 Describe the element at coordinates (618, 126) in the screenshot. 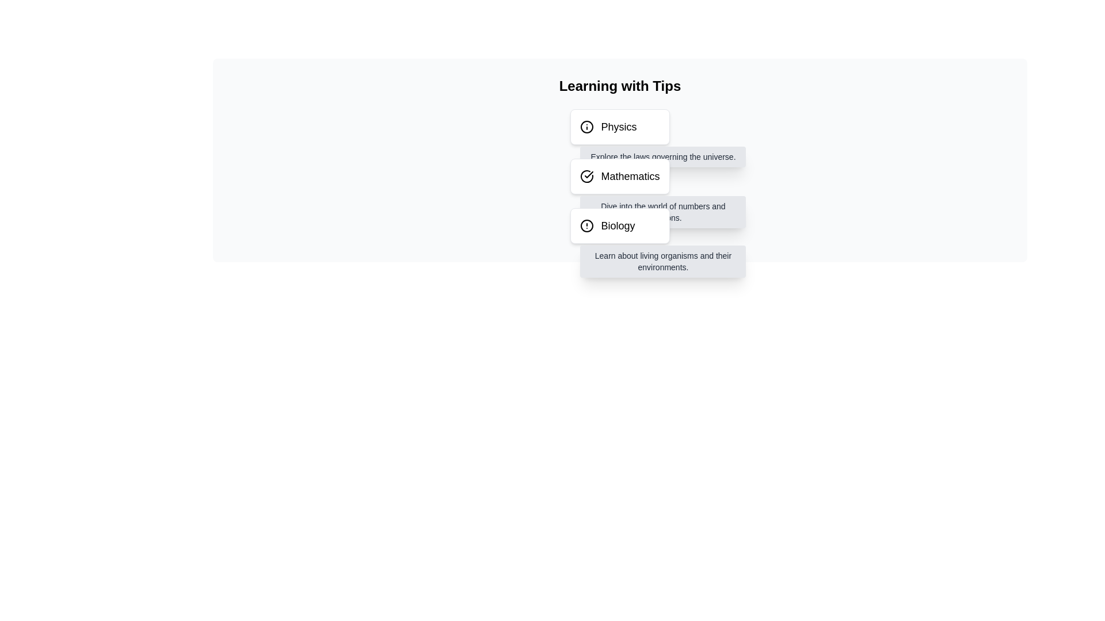

I see `displayed text of the 'Physics' label, which is the first entry in a vertically stacked list of subjects including 'Mathematics' and 'Biology'` at that location.